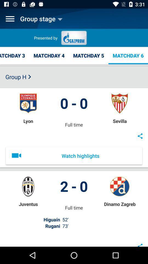 This screenshot has height=264, width=148. Describe the element at coordinates (10, 19) in the screenshot. I see `item above matchday 3 icon` at that location.